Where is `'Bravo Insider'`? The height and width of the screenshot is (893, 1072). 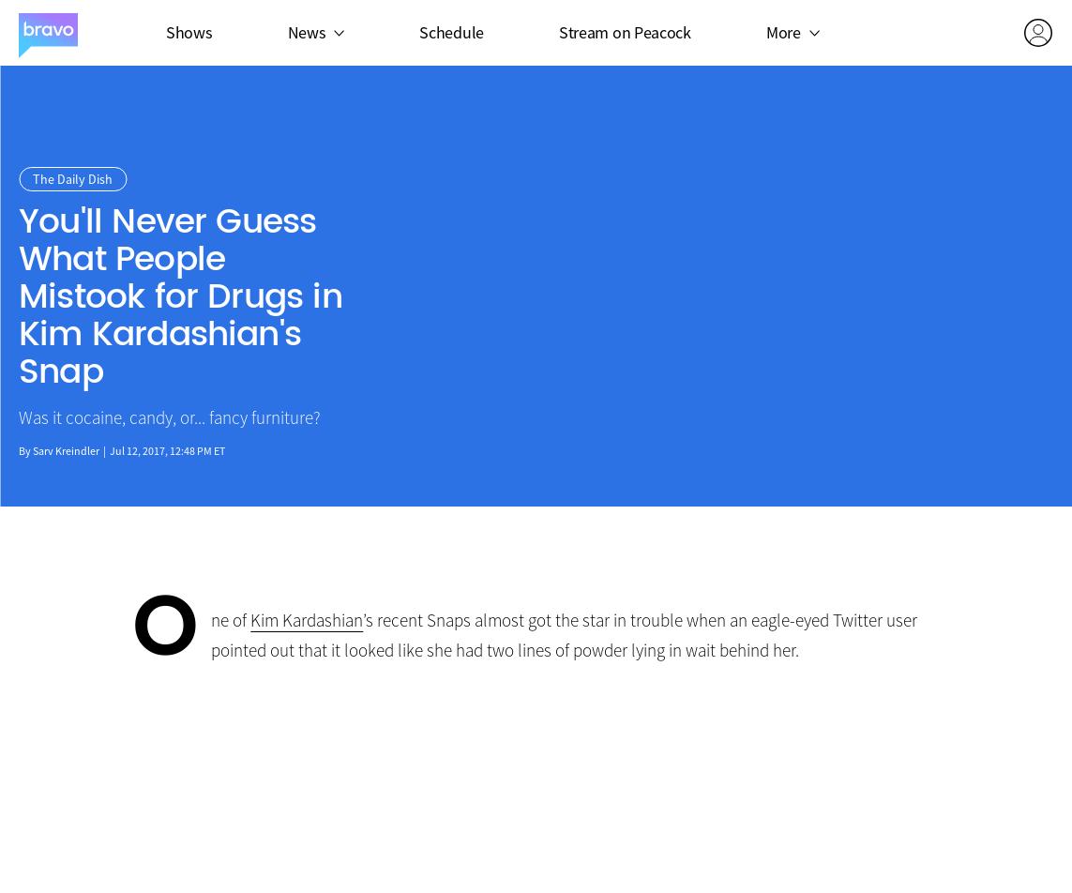 'Bravo Insider' is located at coordinates (753, 137).